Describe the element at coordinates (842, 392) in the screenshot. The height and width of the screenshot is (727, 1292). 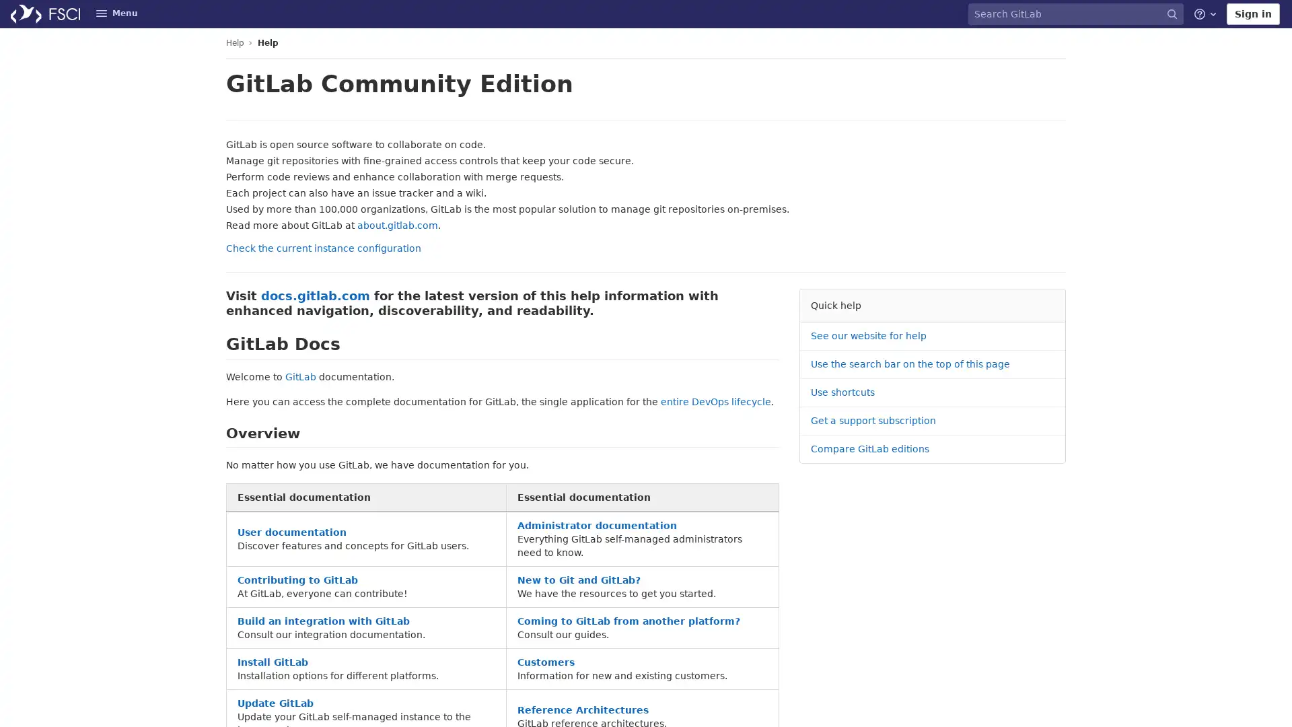
I see `Use shortcuts` at that location.